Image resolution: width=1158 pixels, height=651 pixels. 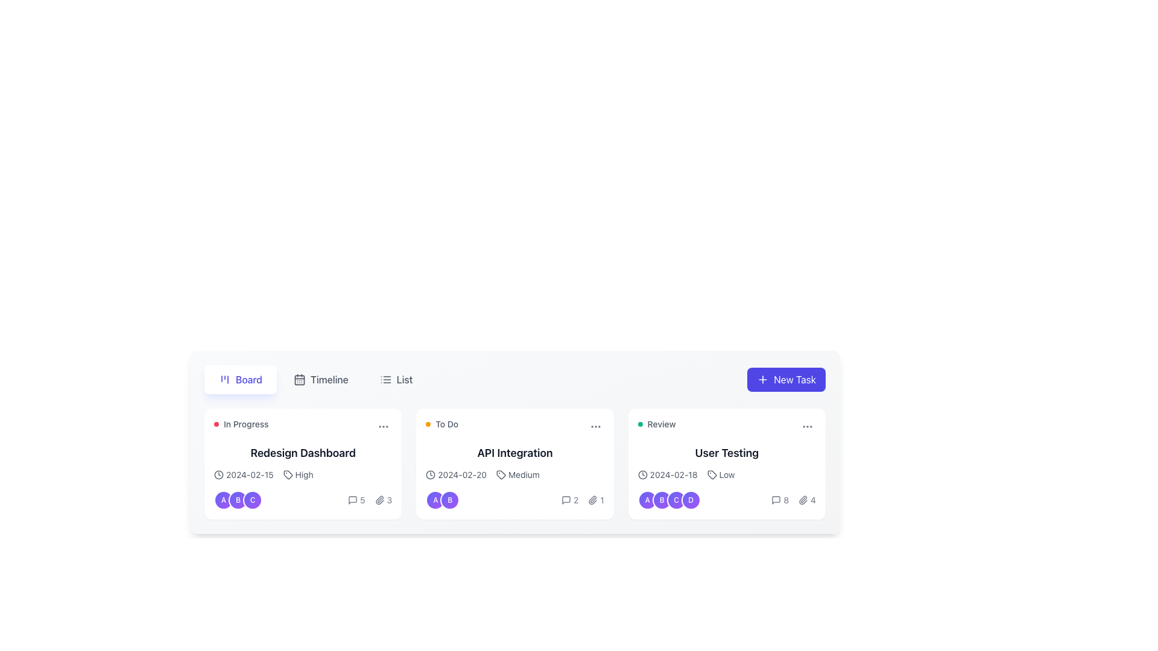 I want to click on the ellipsis icon located in the top-right corner of the 'API Integration' card within the 'To Do' column, so click(x=595, y=426).